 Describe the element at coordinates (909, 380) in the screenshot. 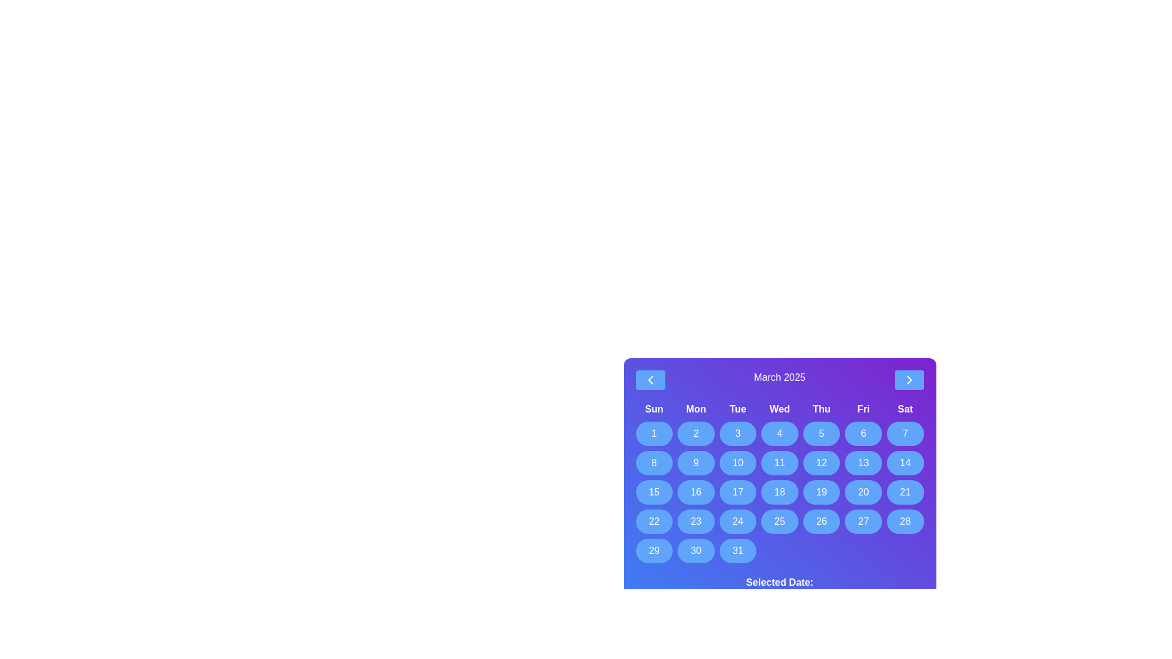

I see `the small arrow icon pointing to the right, located within the navigation button at the upper-right corner of the calendar interface` at that location.